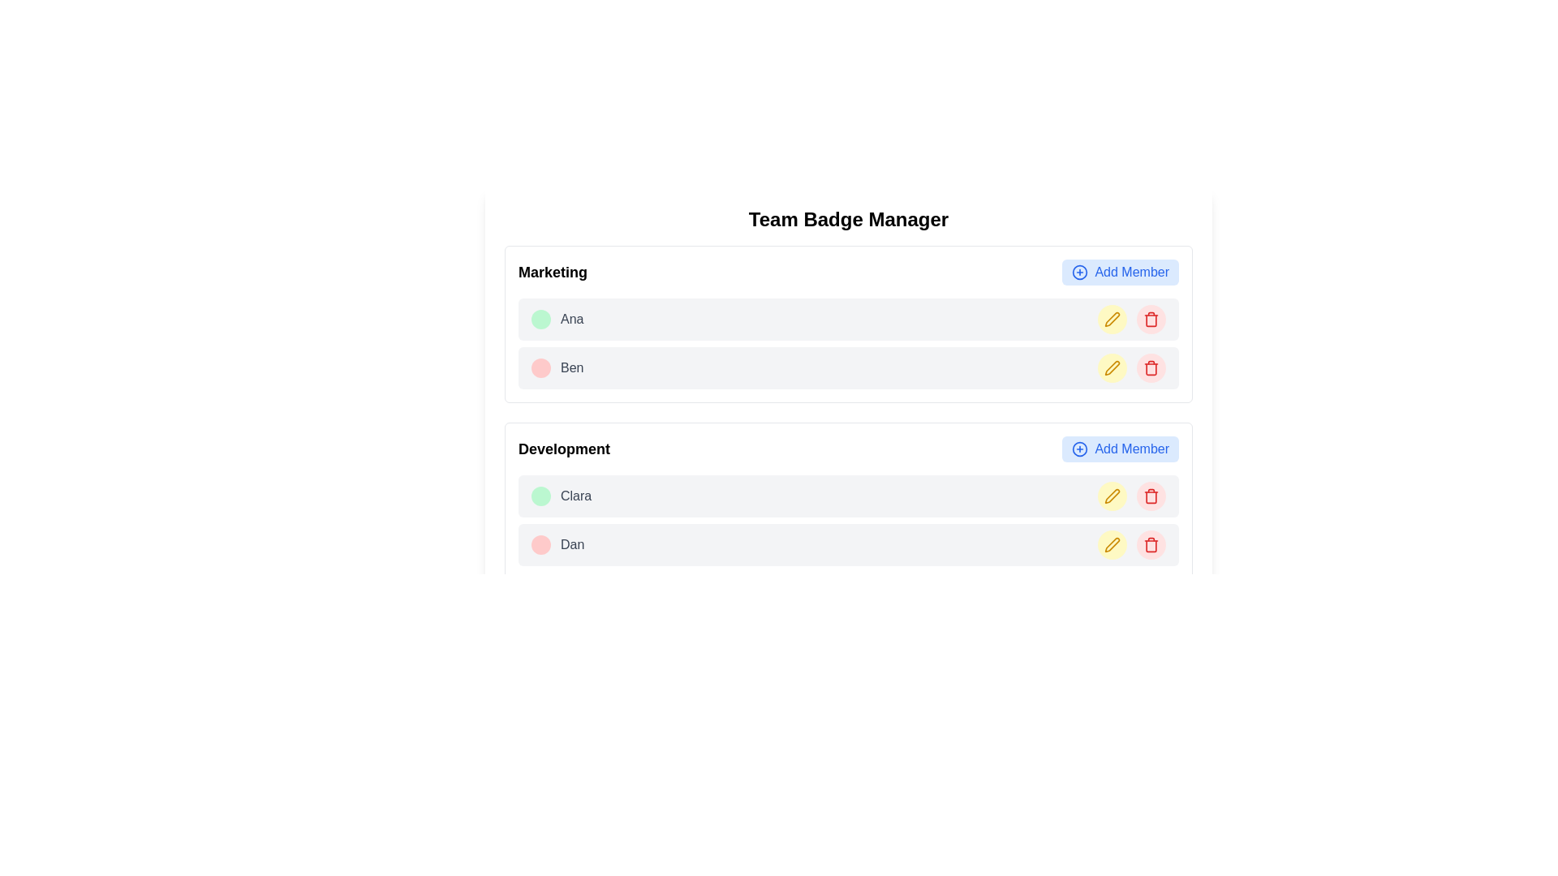  What do you see at coordinates (1080, 271) in the screenshot?
I see `the circular blue icon with a central plus sign located to the left of the 'Add Member' text in the upper-right corner of the 'Marketing' section` at bounding box center [1080, 271].